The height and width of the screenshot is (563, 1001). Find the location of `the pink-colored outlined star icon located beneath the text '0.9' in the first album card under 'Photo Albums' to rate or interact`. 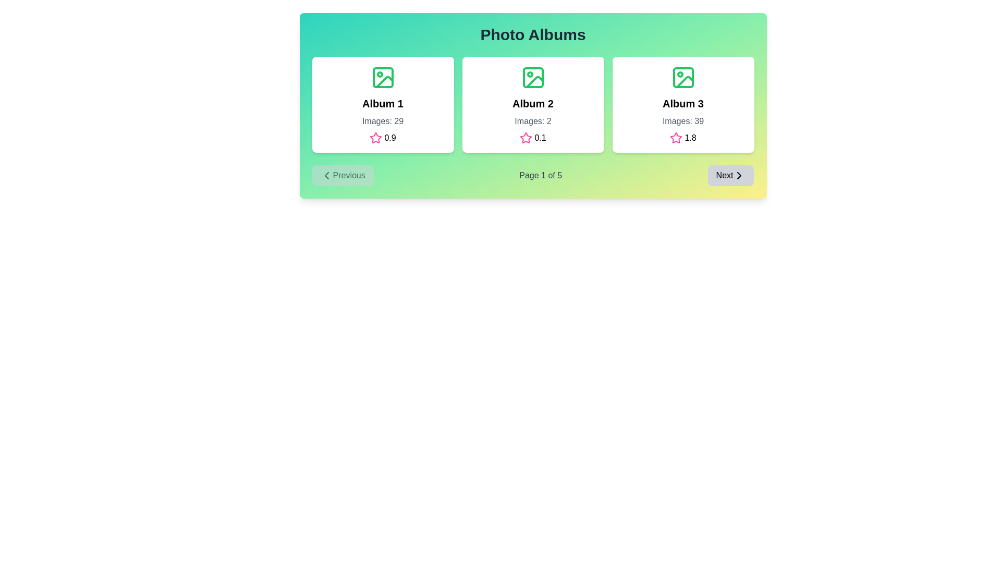

the pink-colored outlined star icon located beneath the text '0.9' in the first album card under 'Photo Albums' to rate or interact is located at coordinates (375, 137).